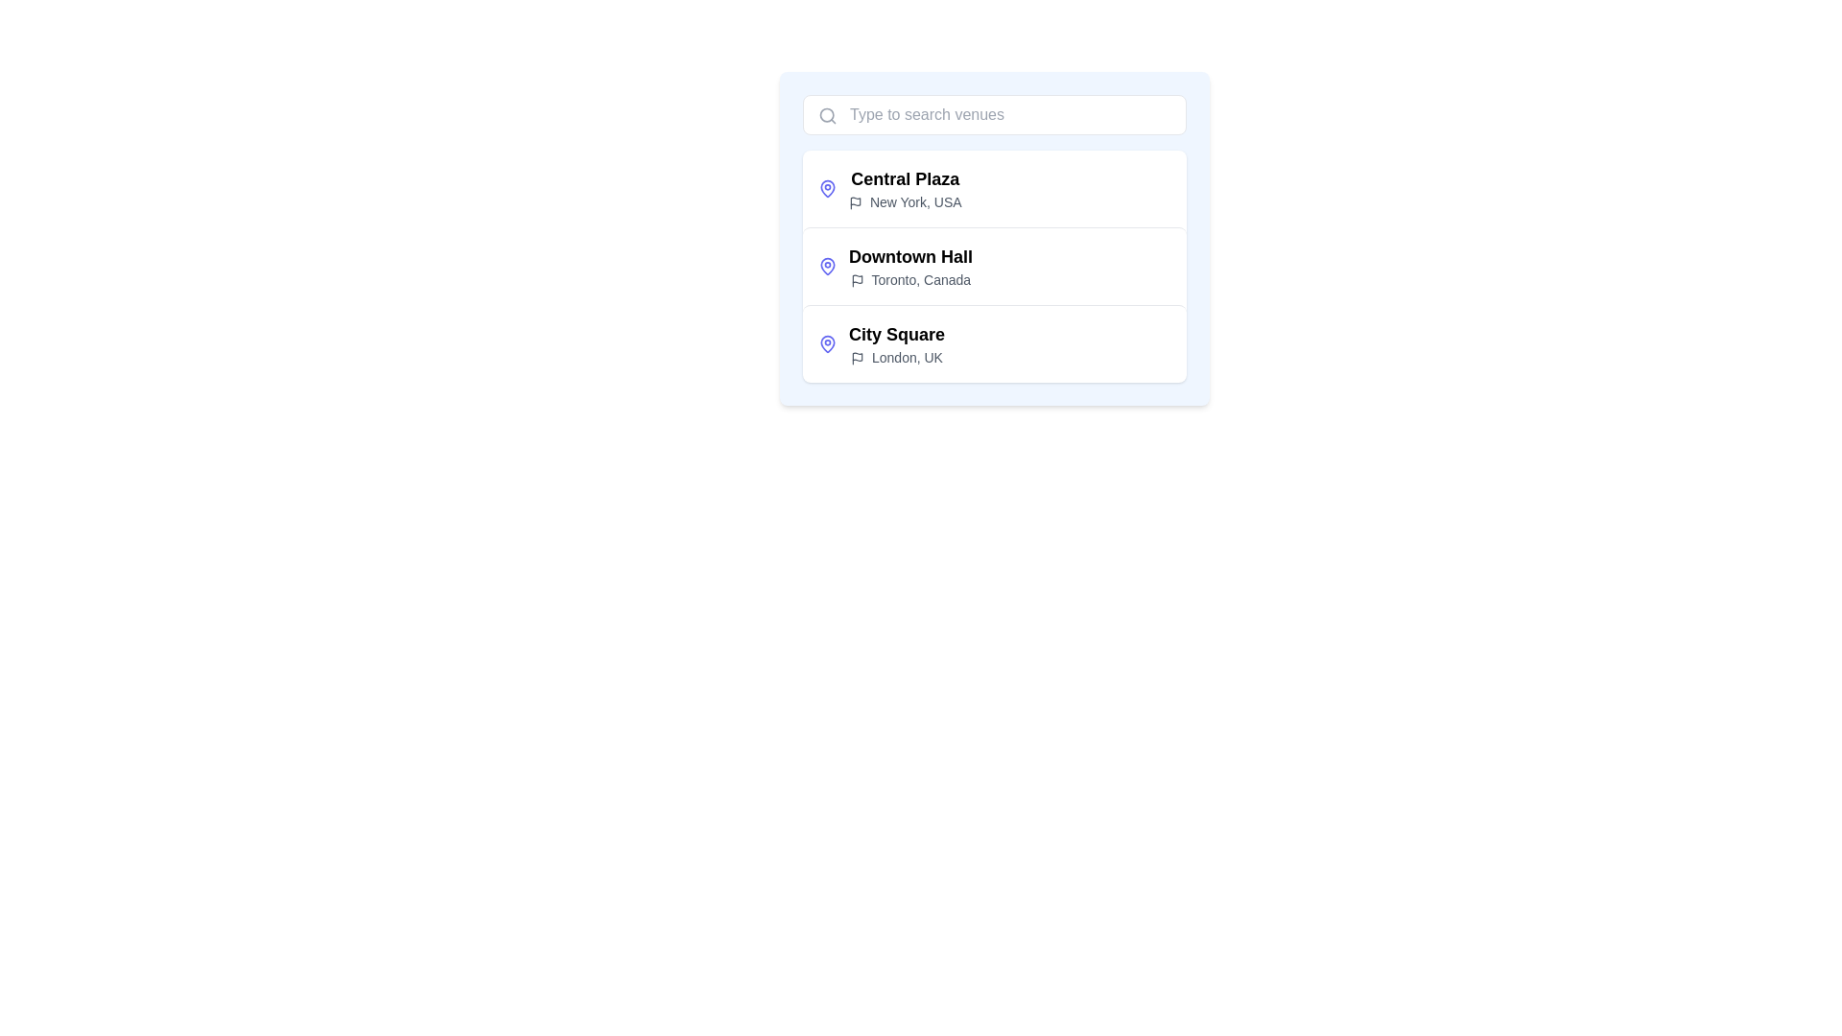 The width and height of the screenshot is (1842, 1036). Describe the element at coordinates (855, 203) in the screenshot. I see `the icon located to the left of the text 'New York, USA' under the 'Central Plaza' heading` at that location.